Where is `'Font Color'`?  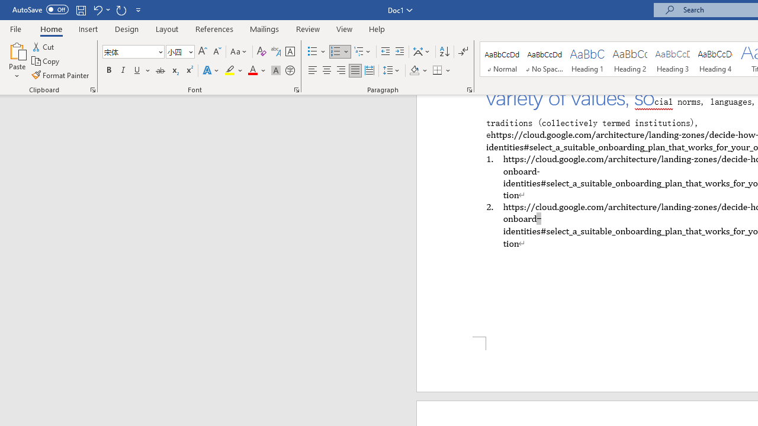
'Font Color' is located at coordinates (256, 70).